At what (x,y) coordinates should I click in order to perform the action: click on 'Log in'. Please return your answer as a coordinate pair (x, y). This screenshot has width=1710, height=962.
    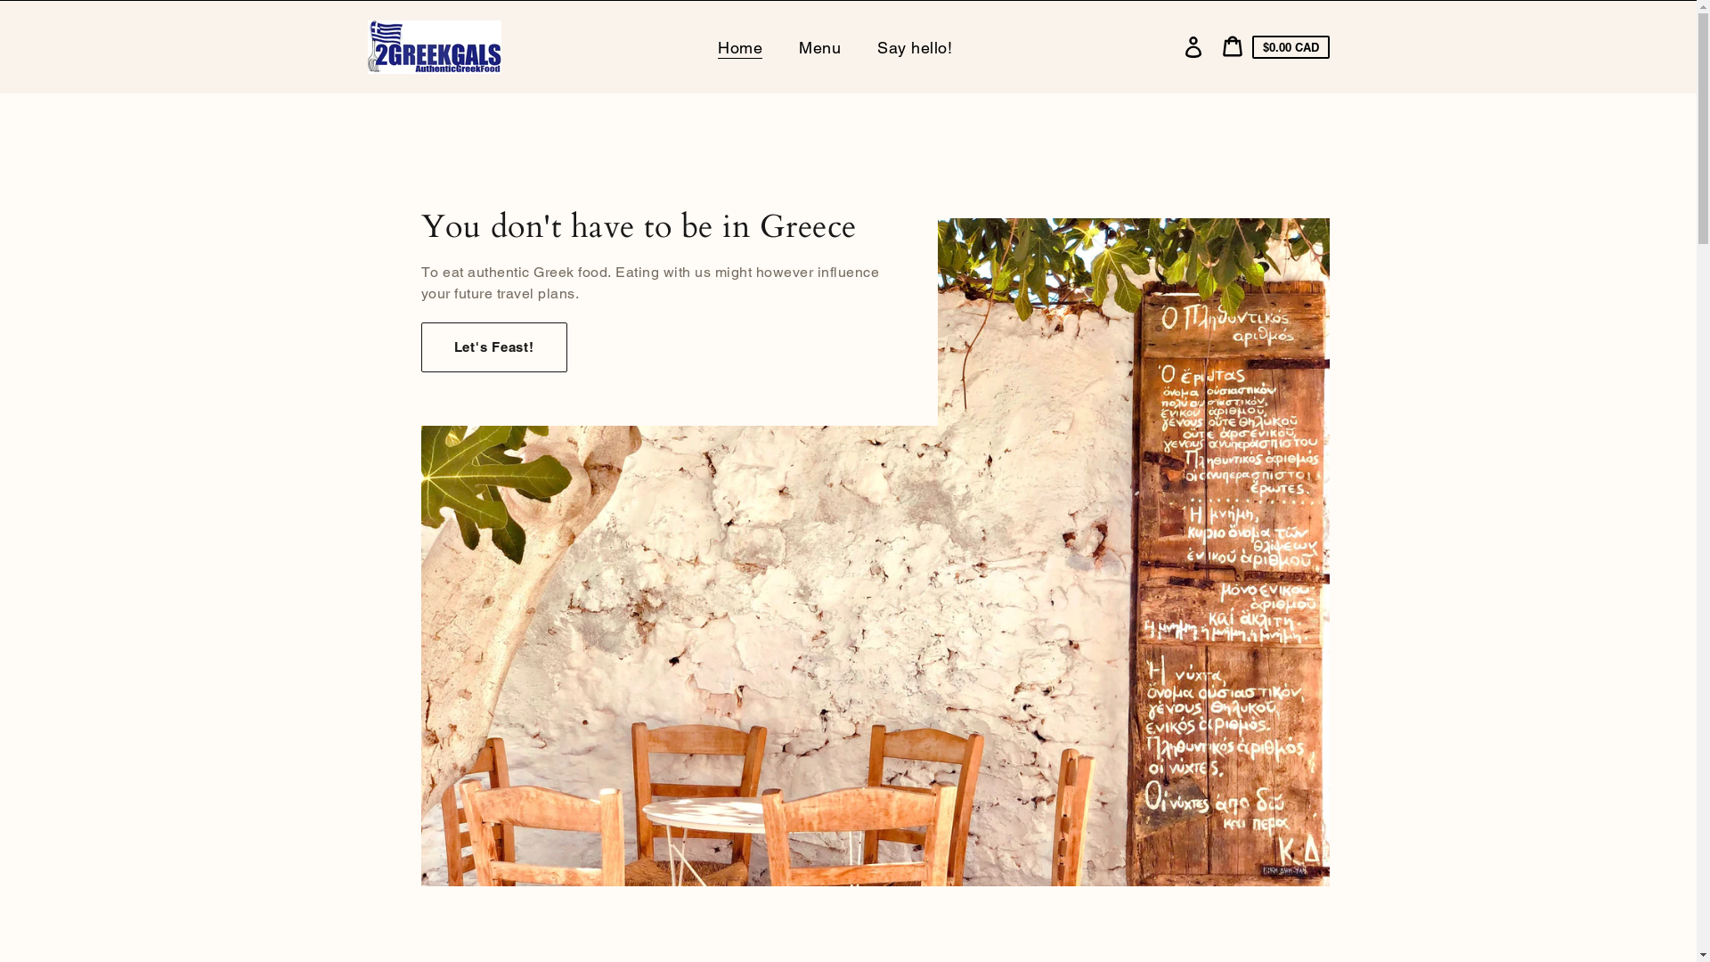
    Looking at the image, I should click on (1193, 46).